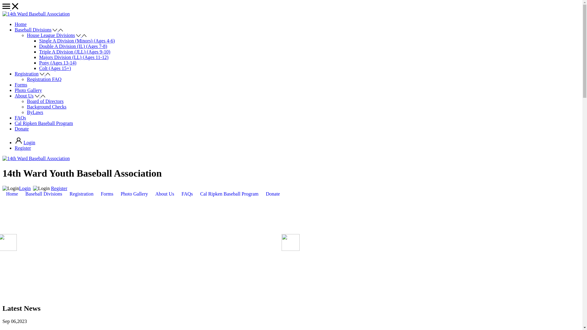 The height and width of the screenshot is (330, 587). What do you see at coordinates (134, 194) in the screenshot?
I see `'Photo Gallery'` at bounding box center [134, 194].